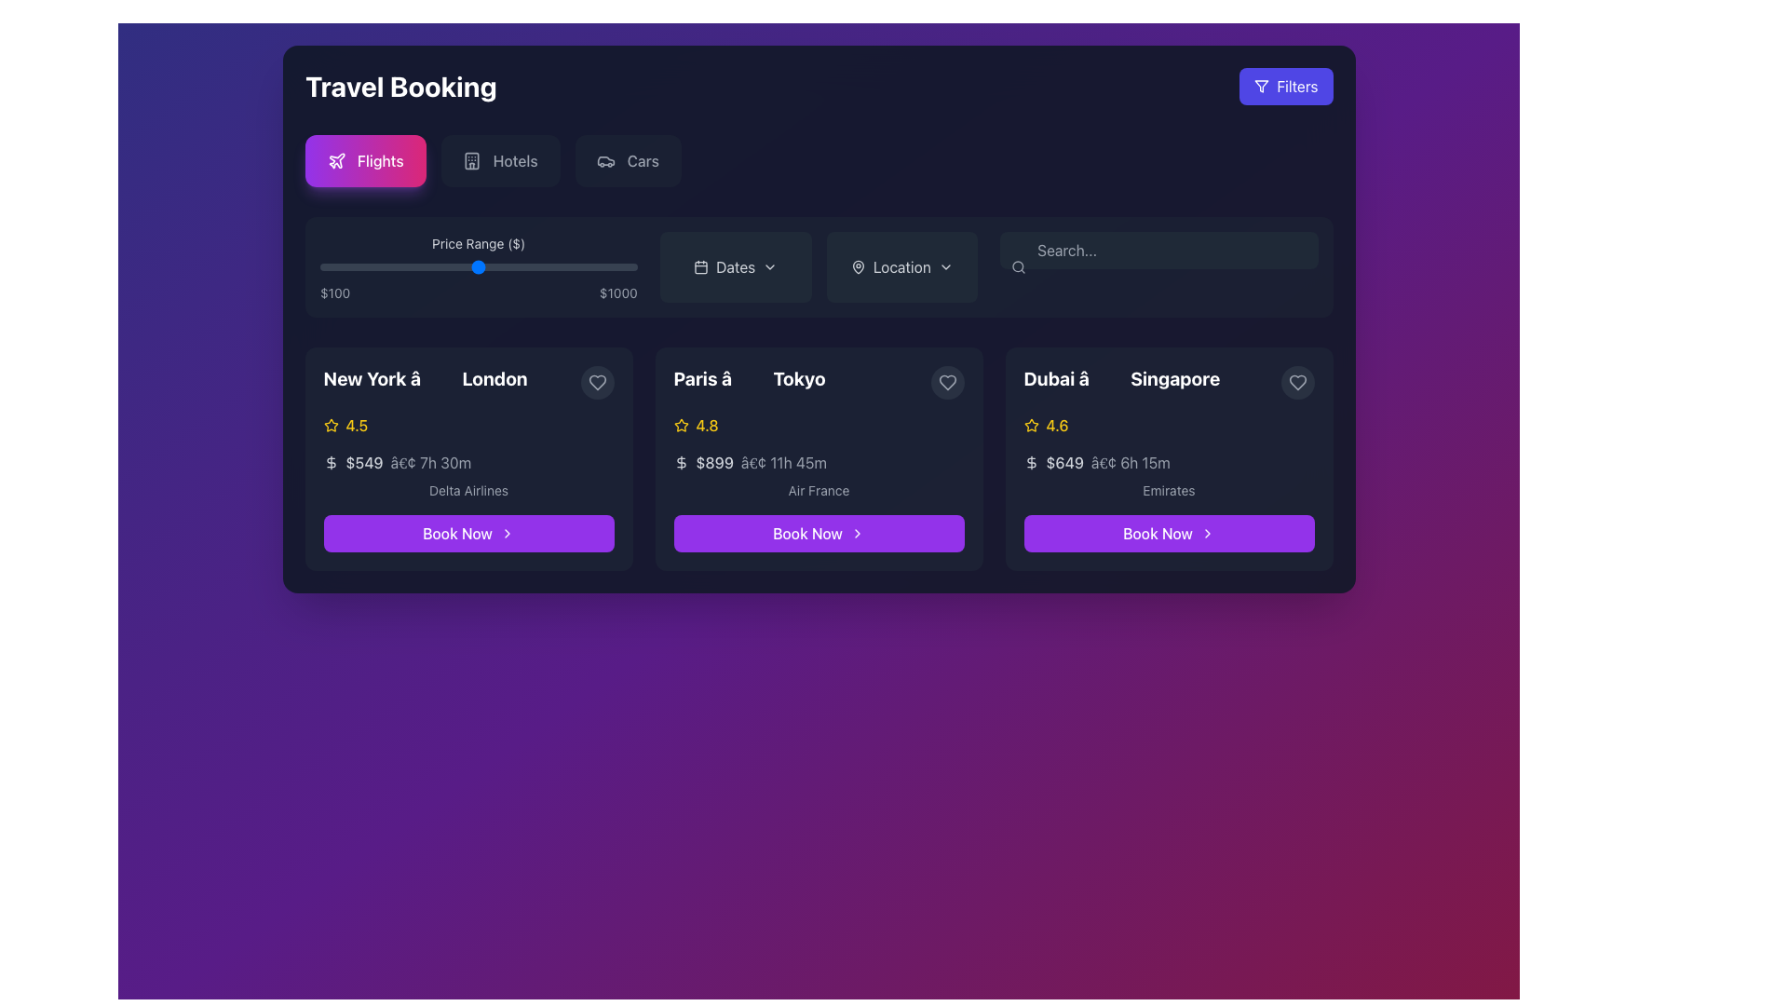 The image size is (1788, 1006). I want to click on textual information displaying the price of $899 and duration of 11h 45m, located in the upper section of the middle card beneath the destination titles 'Paris' and 'Tokyo', so click(819, 462).